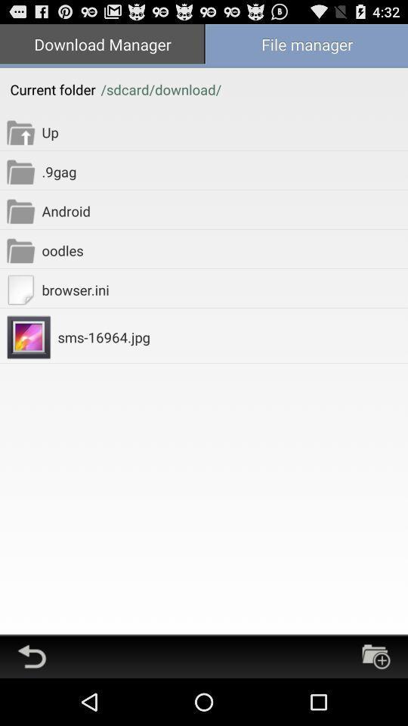 The width and height of the screenshot is (408, 726). I want to click on oodles app, so click(224, 250).